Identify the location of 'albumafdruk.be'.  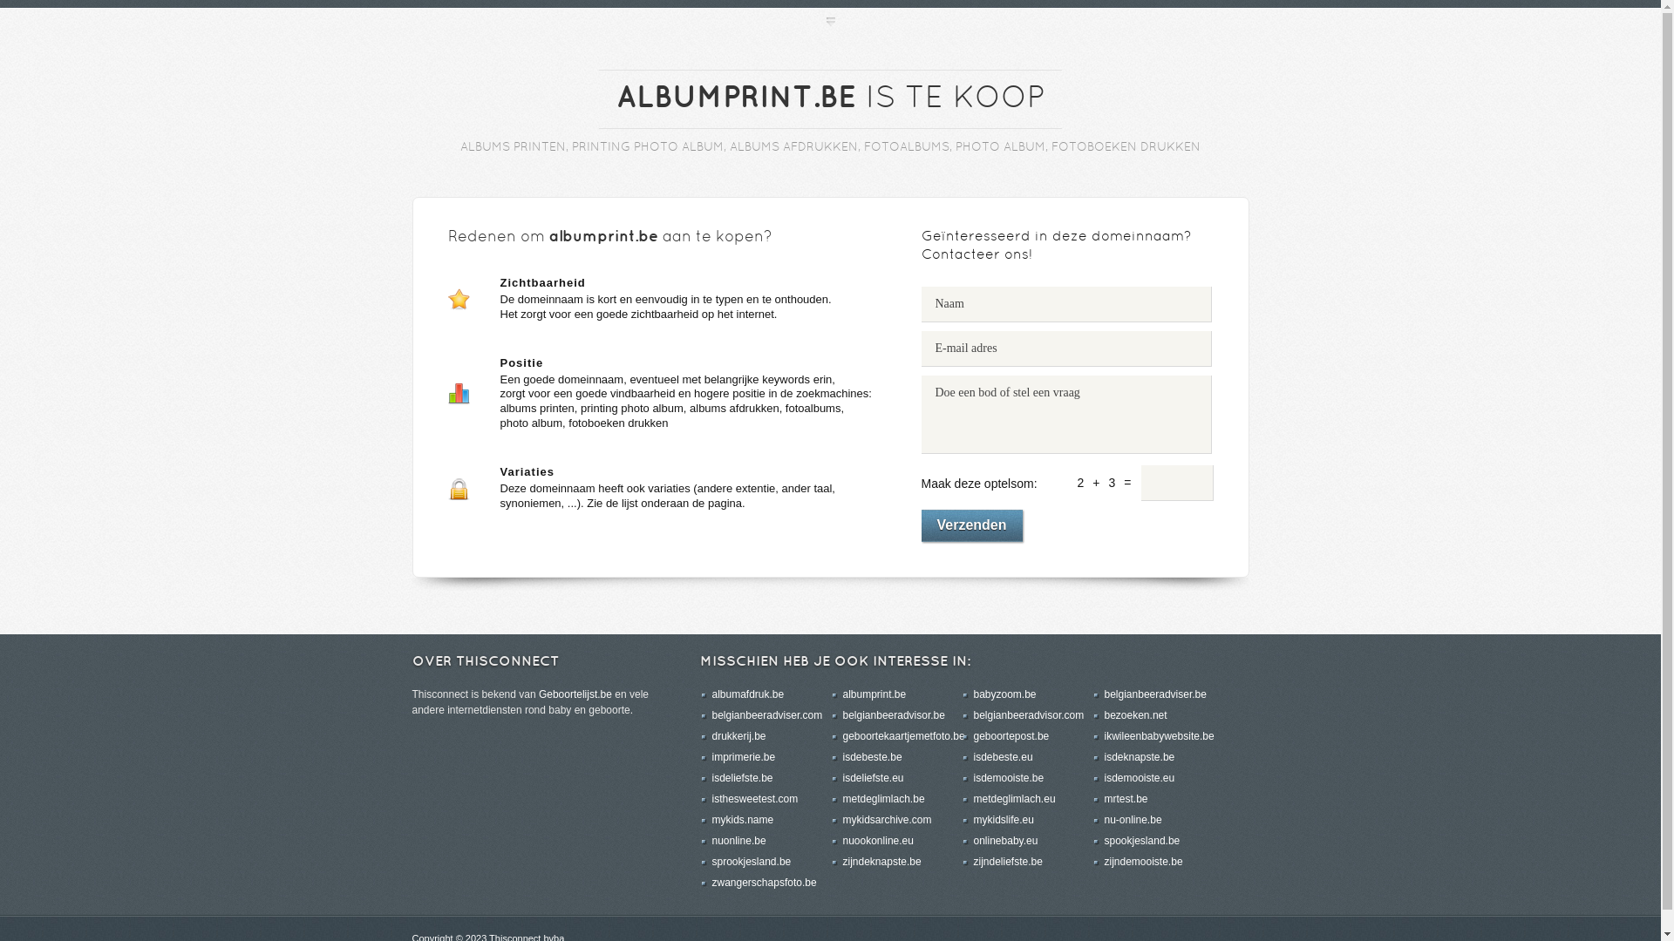
(747, 694).